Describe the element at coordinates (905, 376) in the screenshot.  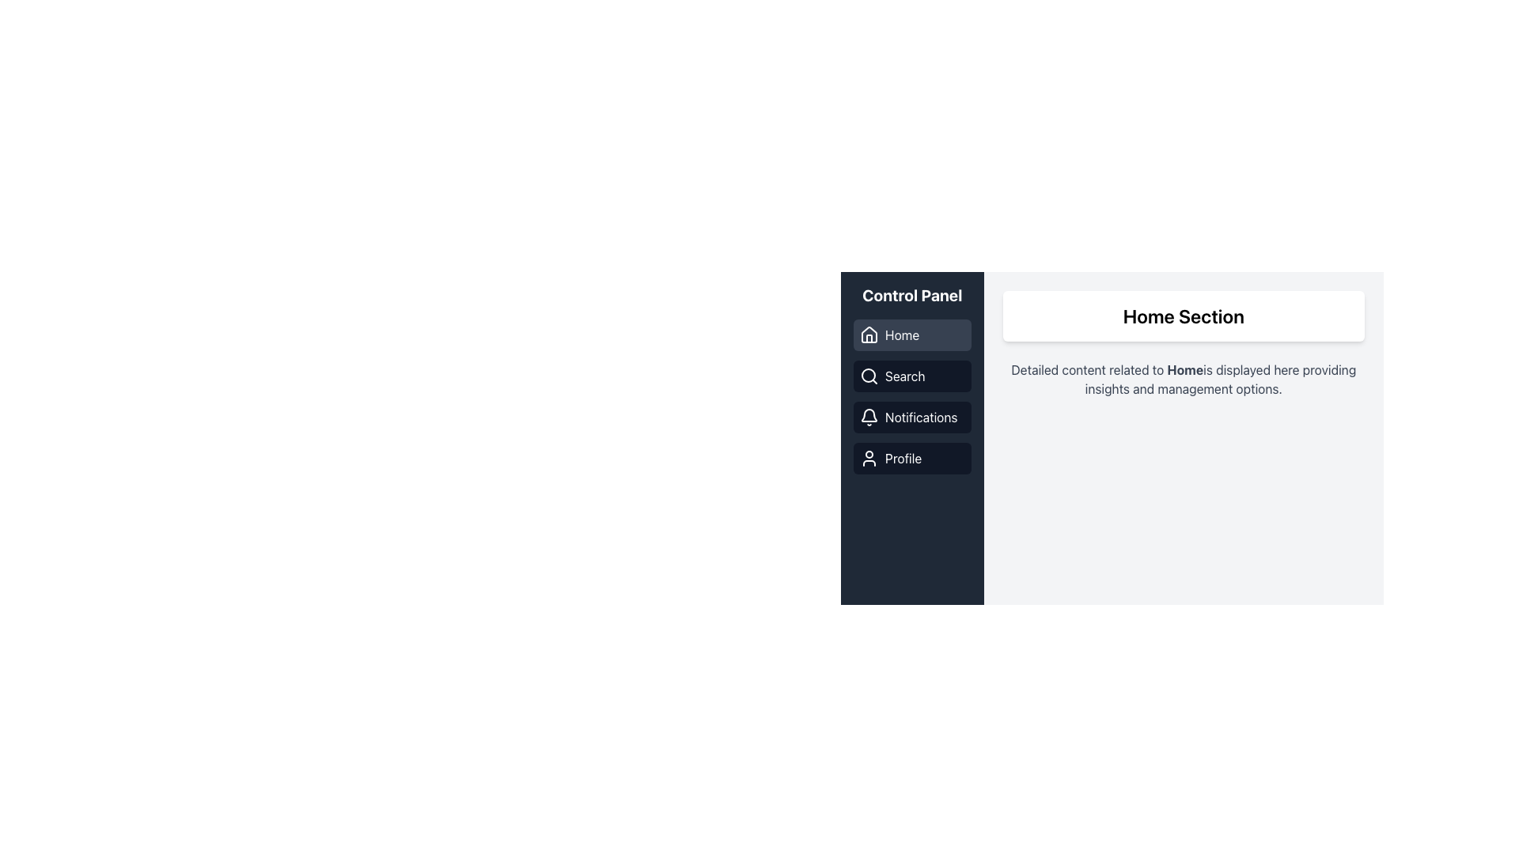
I see `the 'Search' text label, which is styled in white font against a dark background, located in the left-side vertical navigation panel, positioned directly below the 'Home' button and above the 'Notifications' button` at that location.